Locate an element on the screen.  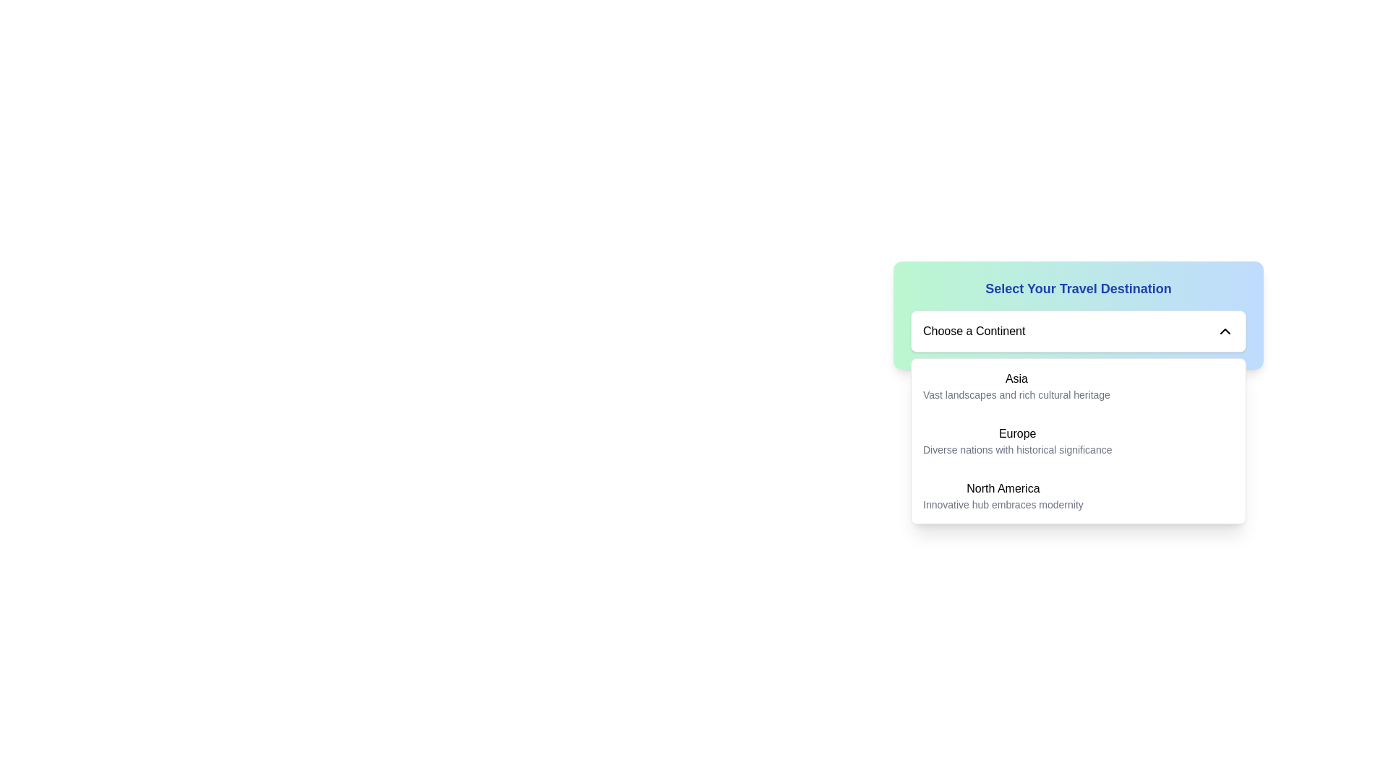
to select the dropdown menu option 'North America' which is the third item in the list styled with a medium-weight font and a smaller gray font underneath is located at coordinates (1002, 495).